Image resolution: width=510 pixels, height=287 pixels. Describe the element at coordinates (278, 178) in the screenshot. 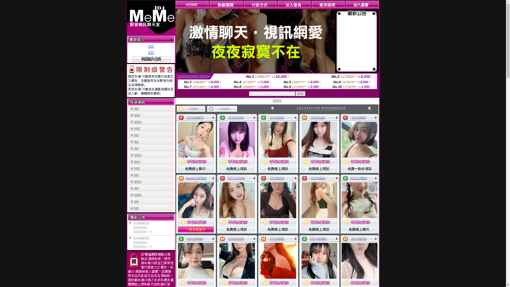

I see `'V183919'` at that location.